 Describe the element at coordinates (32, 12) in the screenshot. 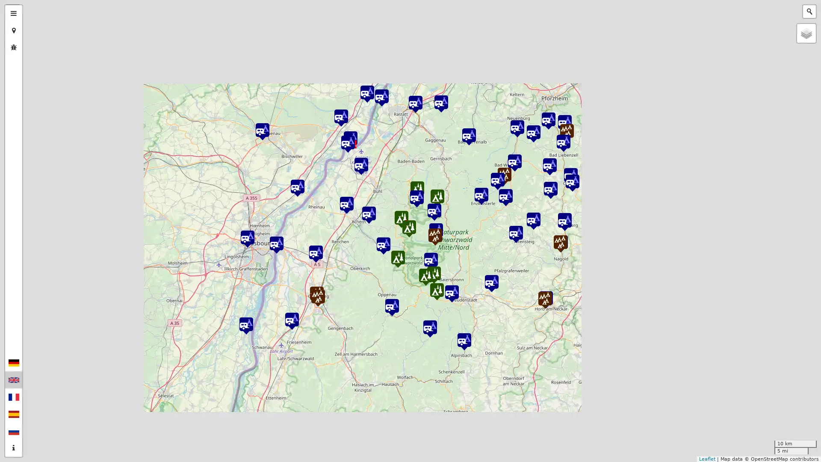

I see `Zoom in` at that location.